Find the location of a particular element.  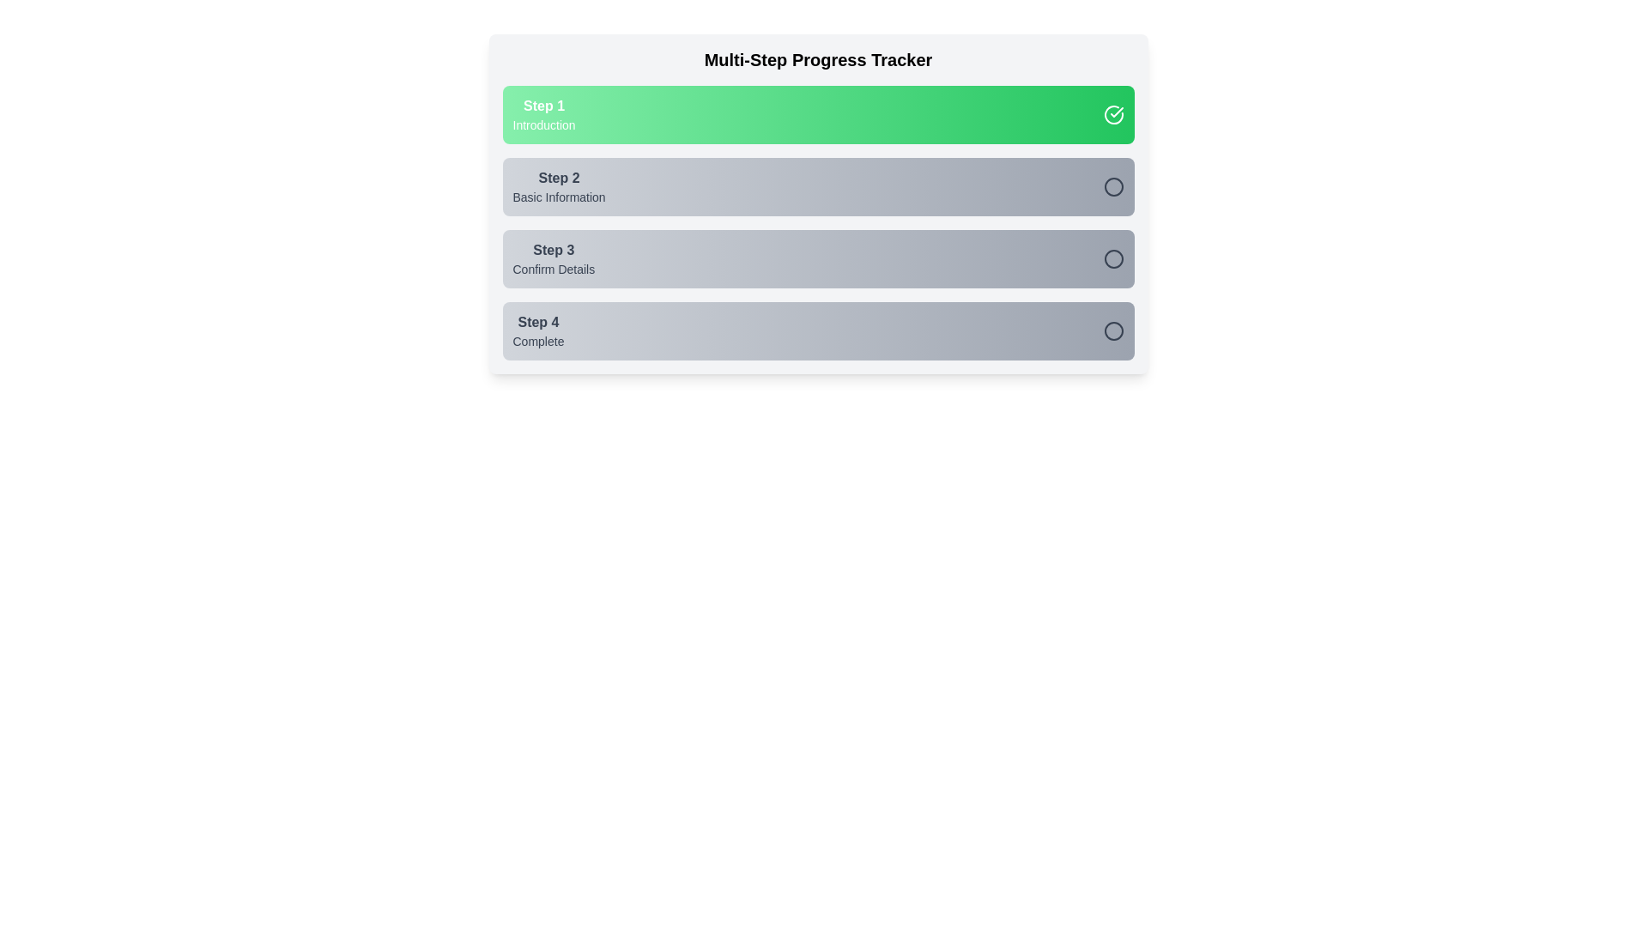

the bold text label displaying 'Step 2', which is located in the second step section of a multi-step progress tracker, positioned below the active step (Step 1) and above Step 3 is located at coordinates (559, 179).